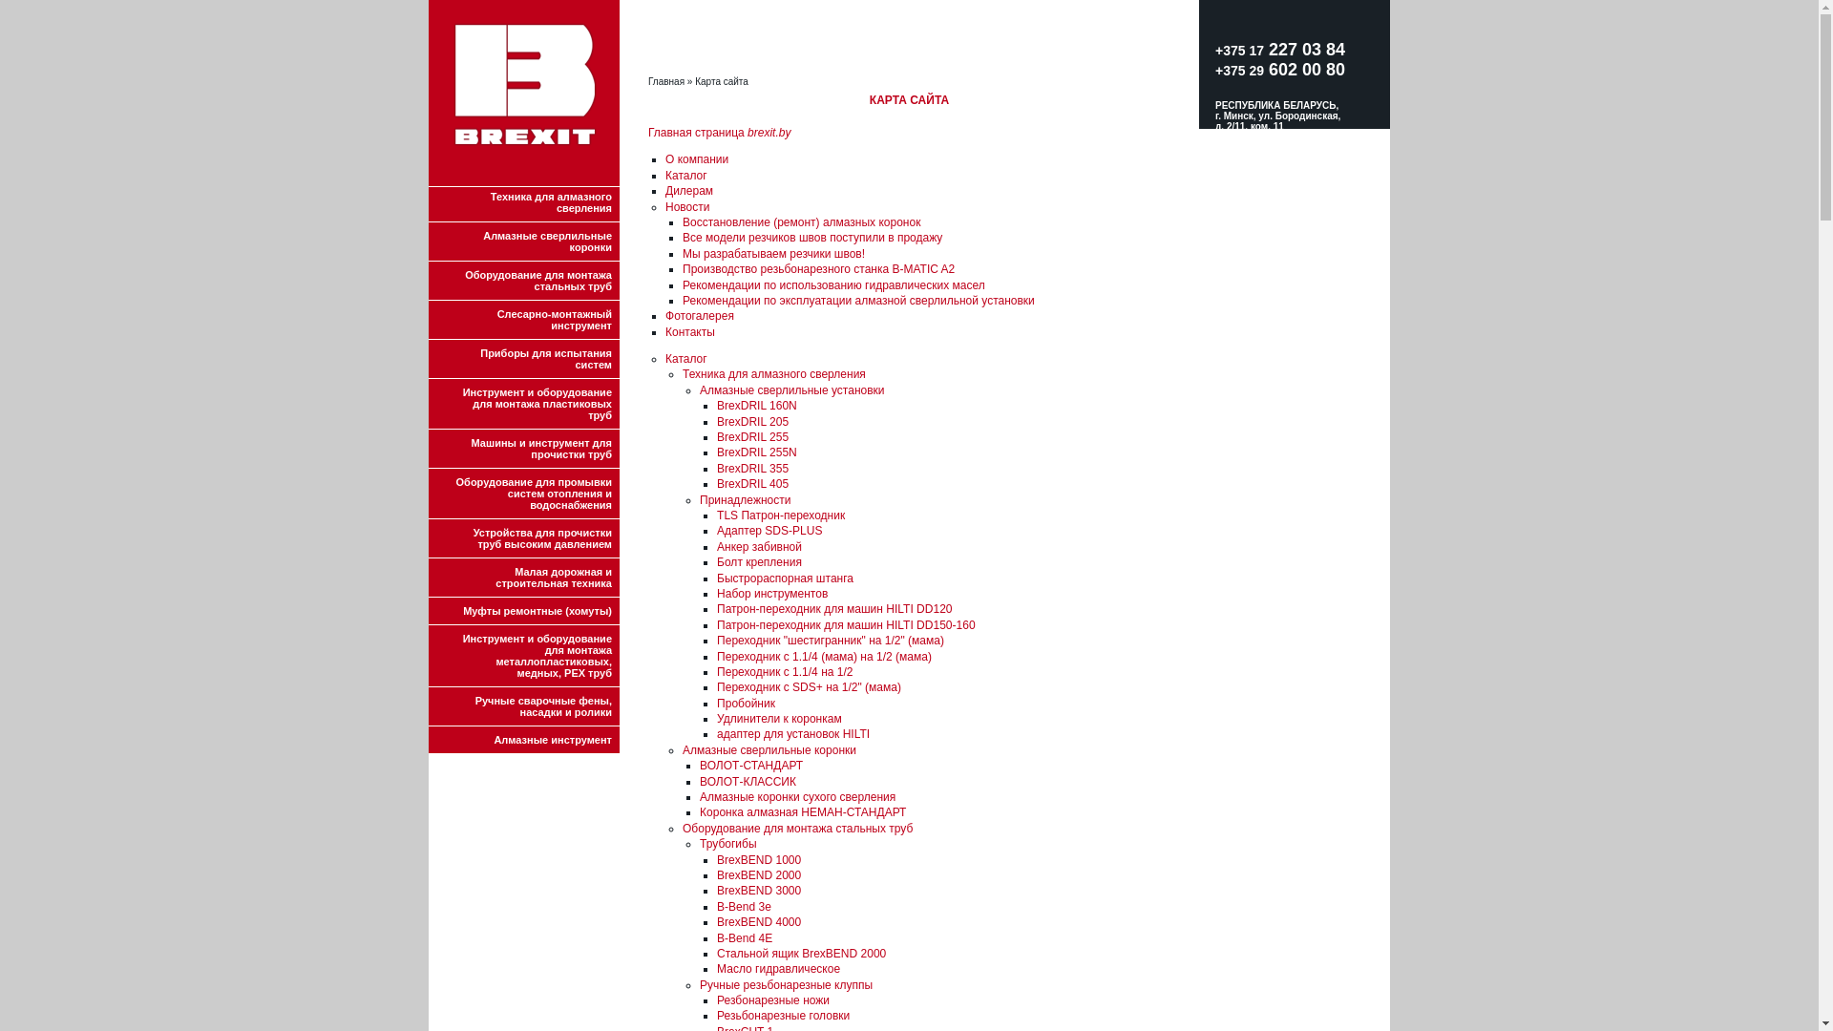 The image size is (1833, 1031). Describe the element at coordinates (758, 920) in the screenshot. I see `'BrexBEND 4000'` at that location.